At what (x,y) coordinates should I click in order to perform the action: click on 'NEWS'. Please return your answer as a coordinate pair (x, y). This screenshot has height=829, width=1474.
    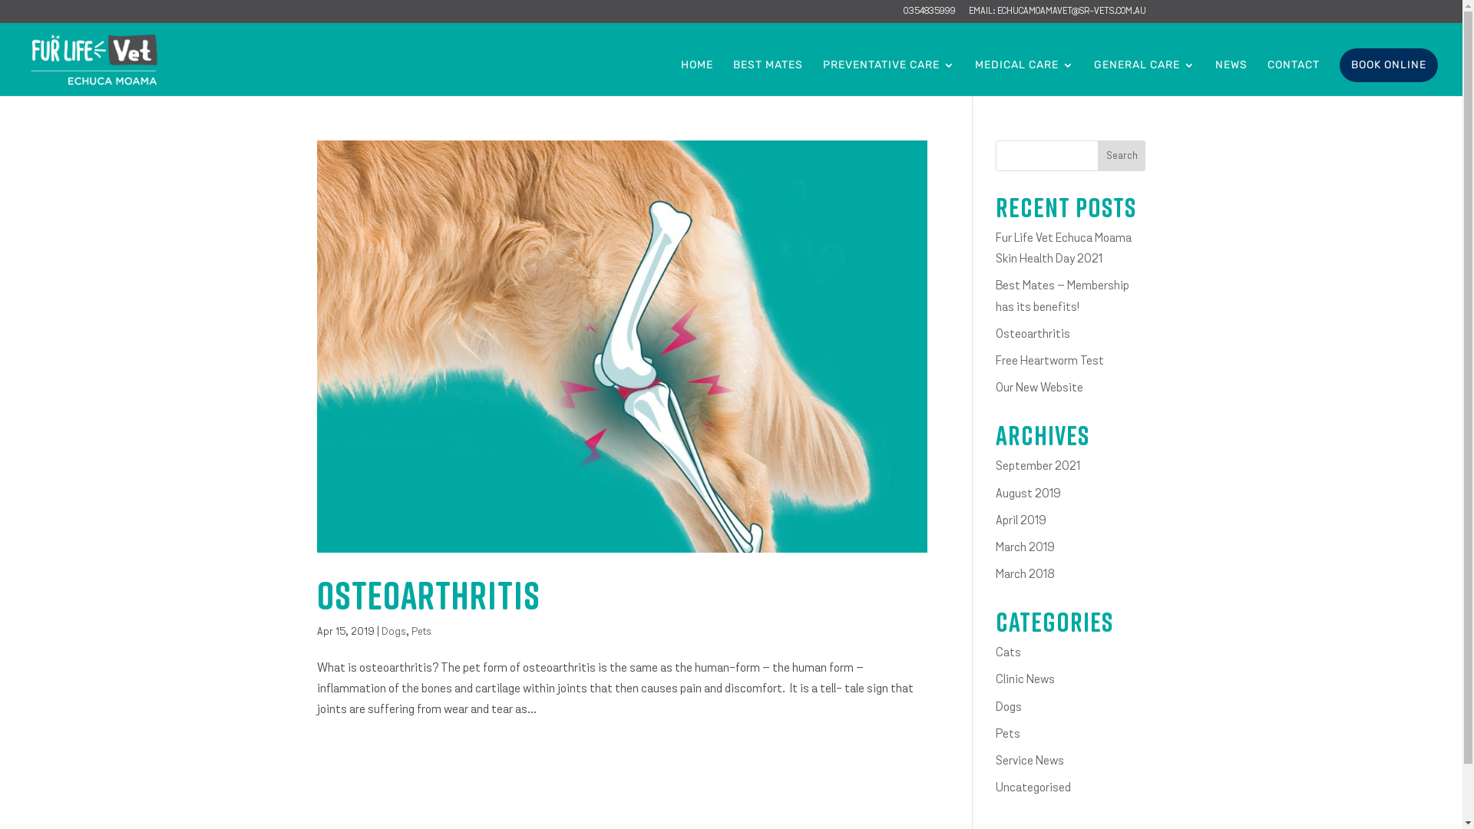
    Looking at the image, I should click on (1231, 78).